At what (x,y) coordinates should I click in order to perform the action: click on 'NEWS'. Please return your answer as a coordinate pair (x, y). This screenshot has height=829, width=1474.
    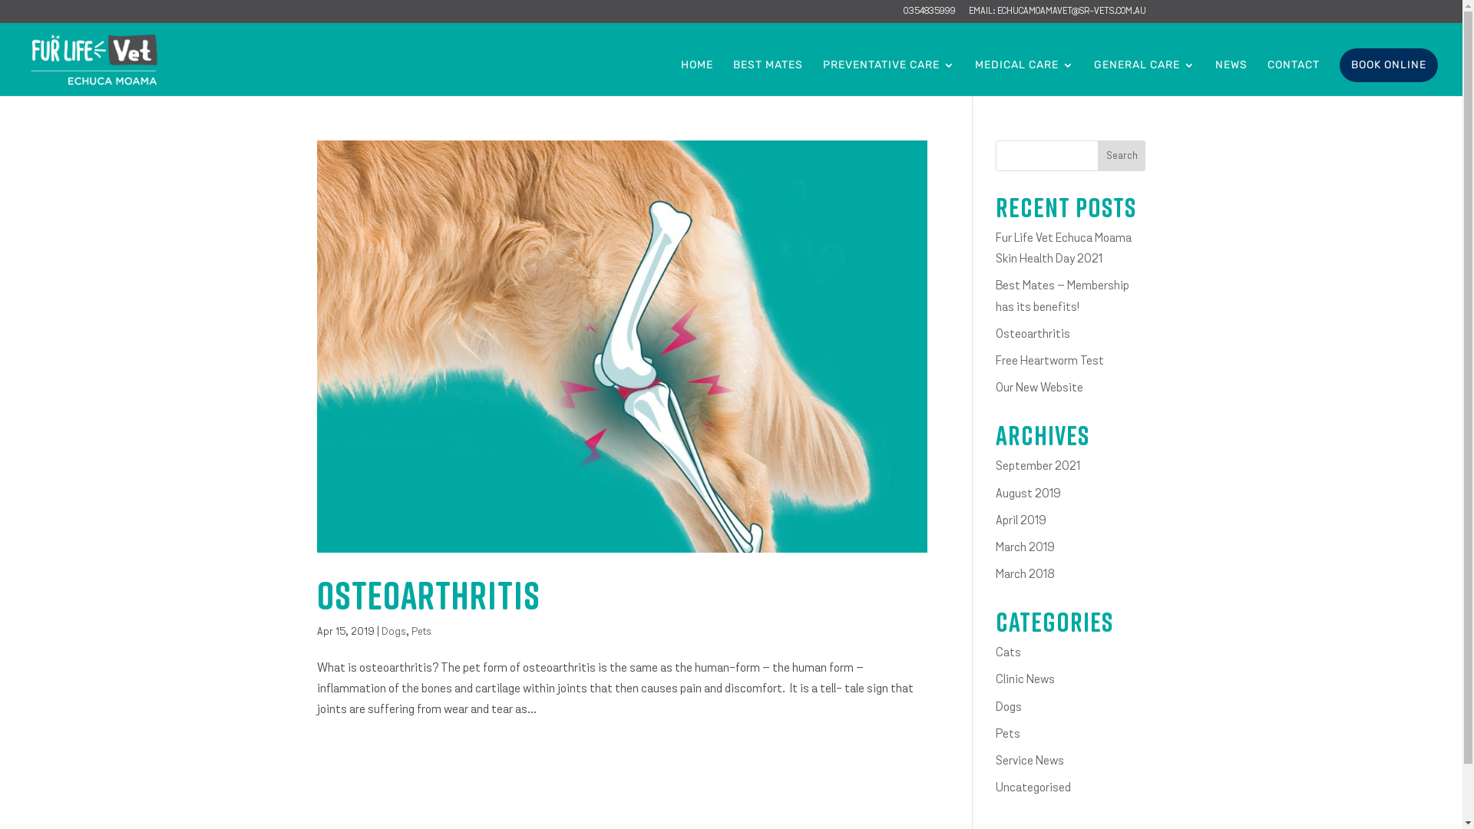
    Looking at the image, I should click on (1231, 78).